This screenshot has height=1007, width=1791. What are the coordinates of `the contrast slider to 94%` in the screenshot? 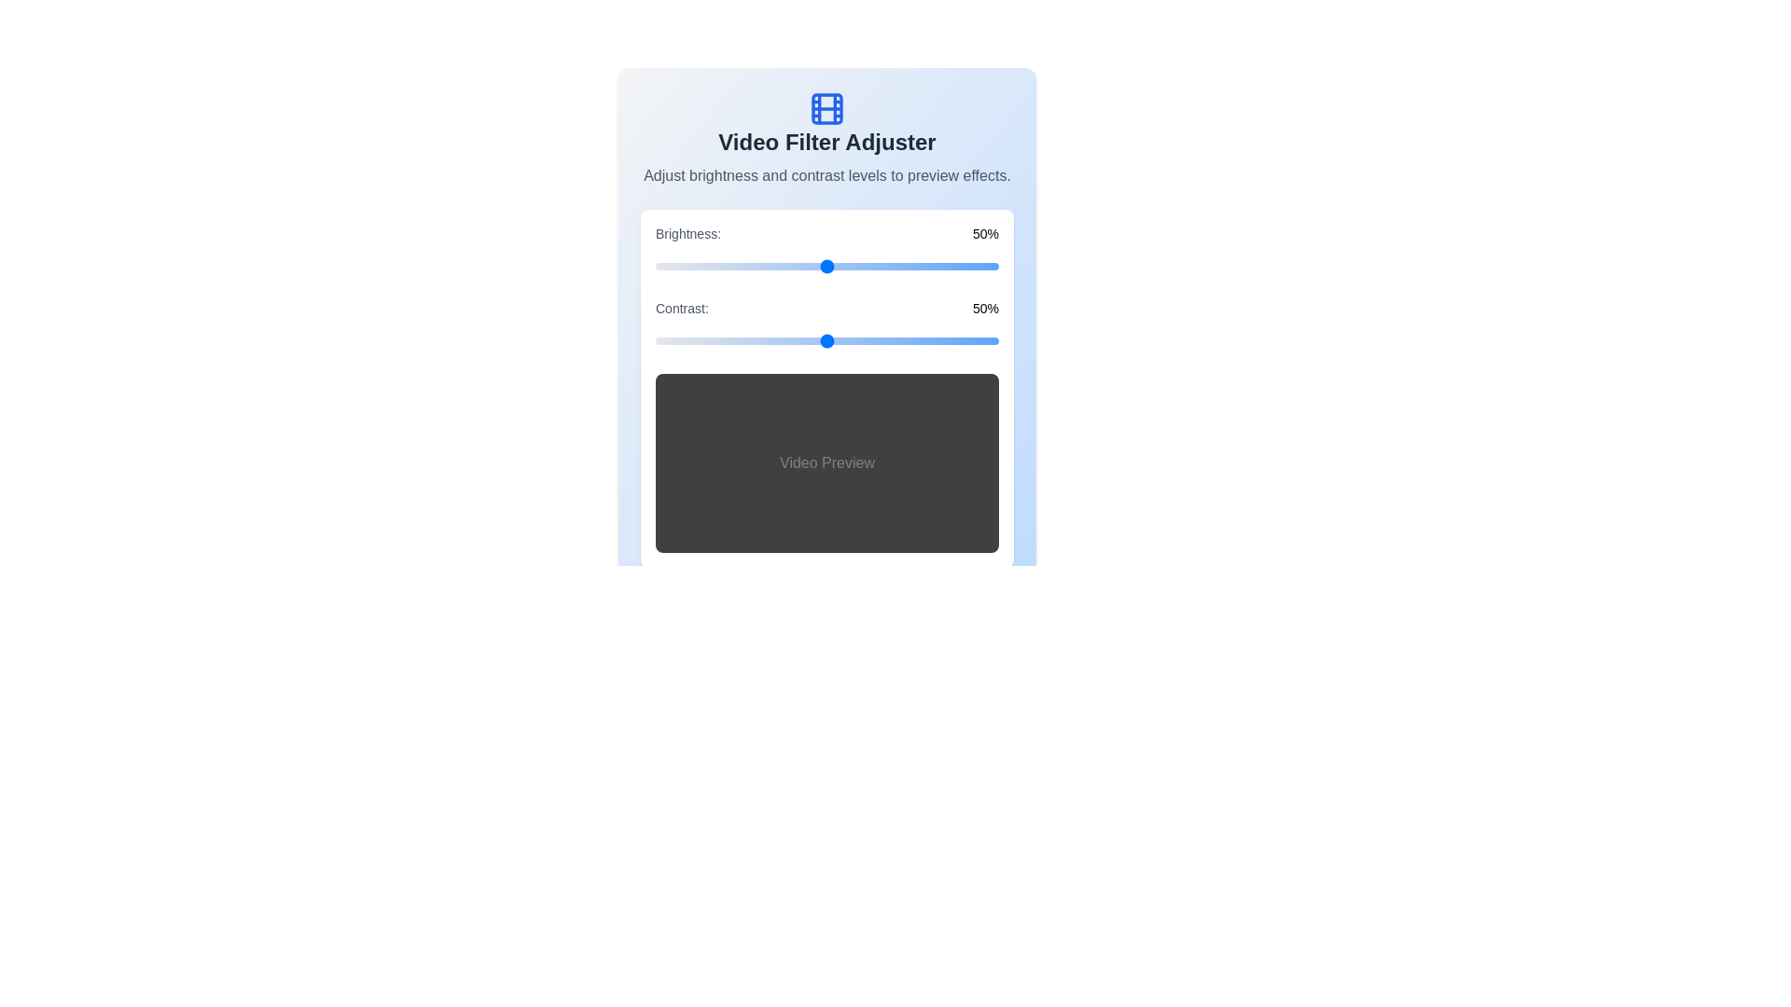 It's located at (977, 341).